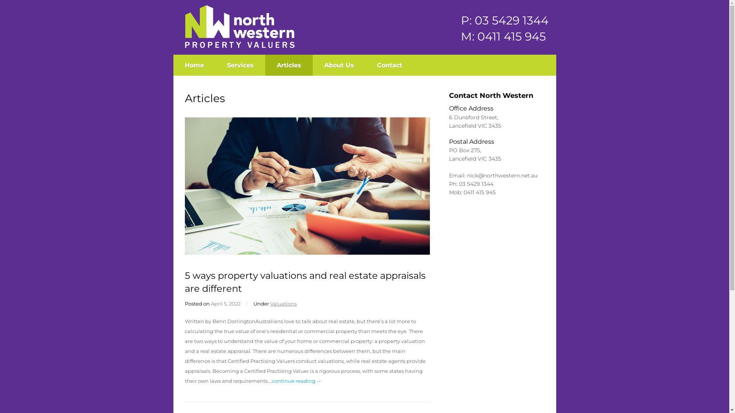  Describe the element at coordinates (265, 65) in the screenshot. I see `'Articles'` at that location.